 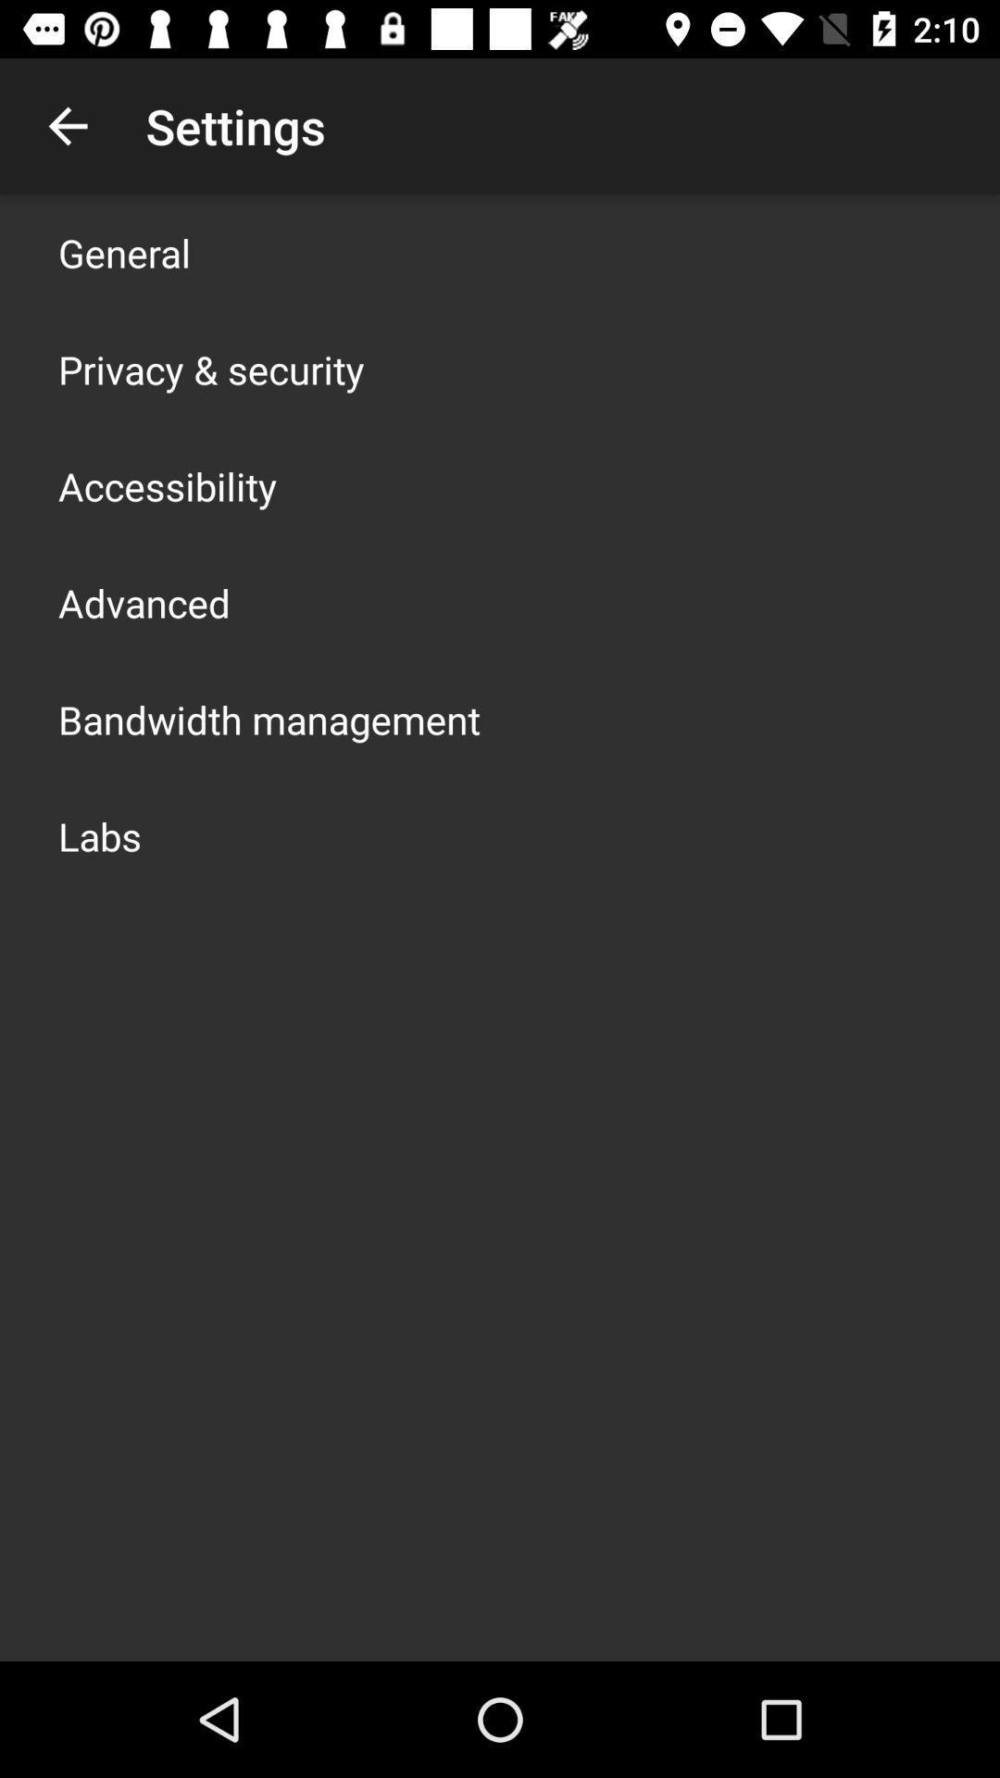 I want to click on the app below the privacy & security item, so click(x=168, y=485).